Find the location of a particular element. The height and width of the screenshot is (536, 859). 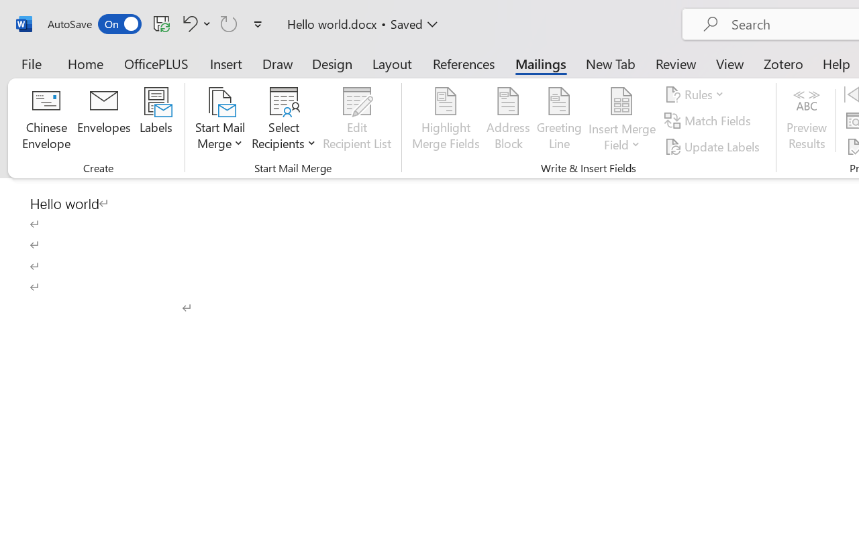

'Save' is located at coordinates (161, 23).